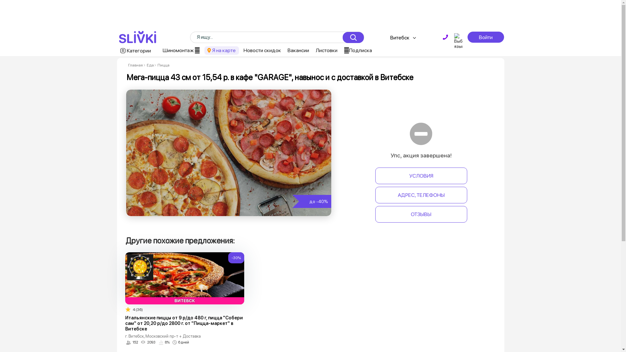 This screenshot has width=626, height=352. I want to click on ' ', so click(445, 37).